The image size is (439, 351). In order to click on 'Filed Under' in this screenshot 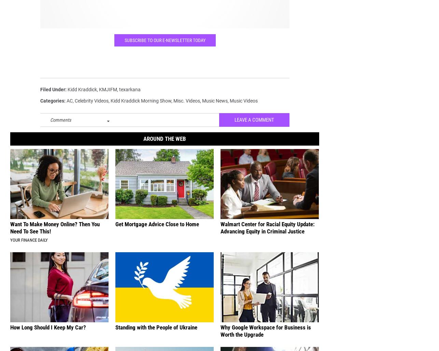, I will do `click(53, 94)`.